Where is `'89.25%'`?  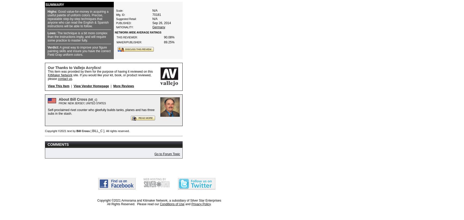 '89.25%' is located at coordinates (169, 42).